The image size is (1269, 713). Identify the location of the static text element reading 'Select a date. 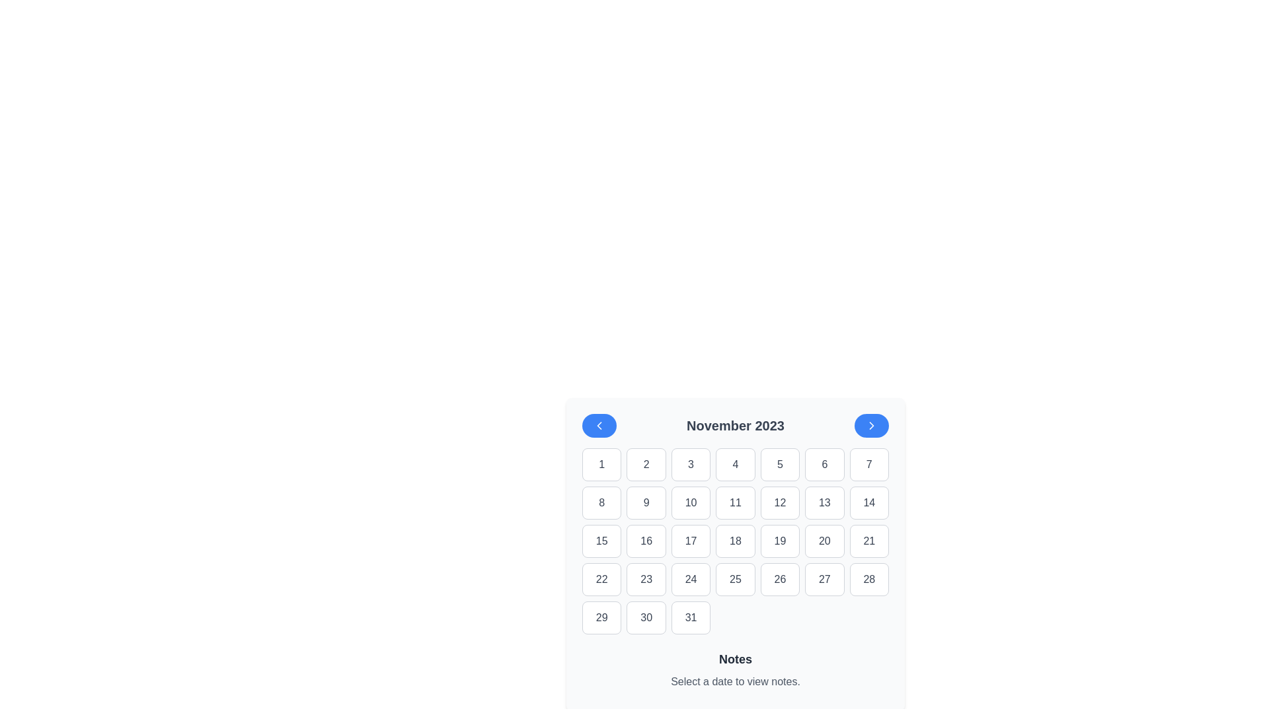
(735, 682).